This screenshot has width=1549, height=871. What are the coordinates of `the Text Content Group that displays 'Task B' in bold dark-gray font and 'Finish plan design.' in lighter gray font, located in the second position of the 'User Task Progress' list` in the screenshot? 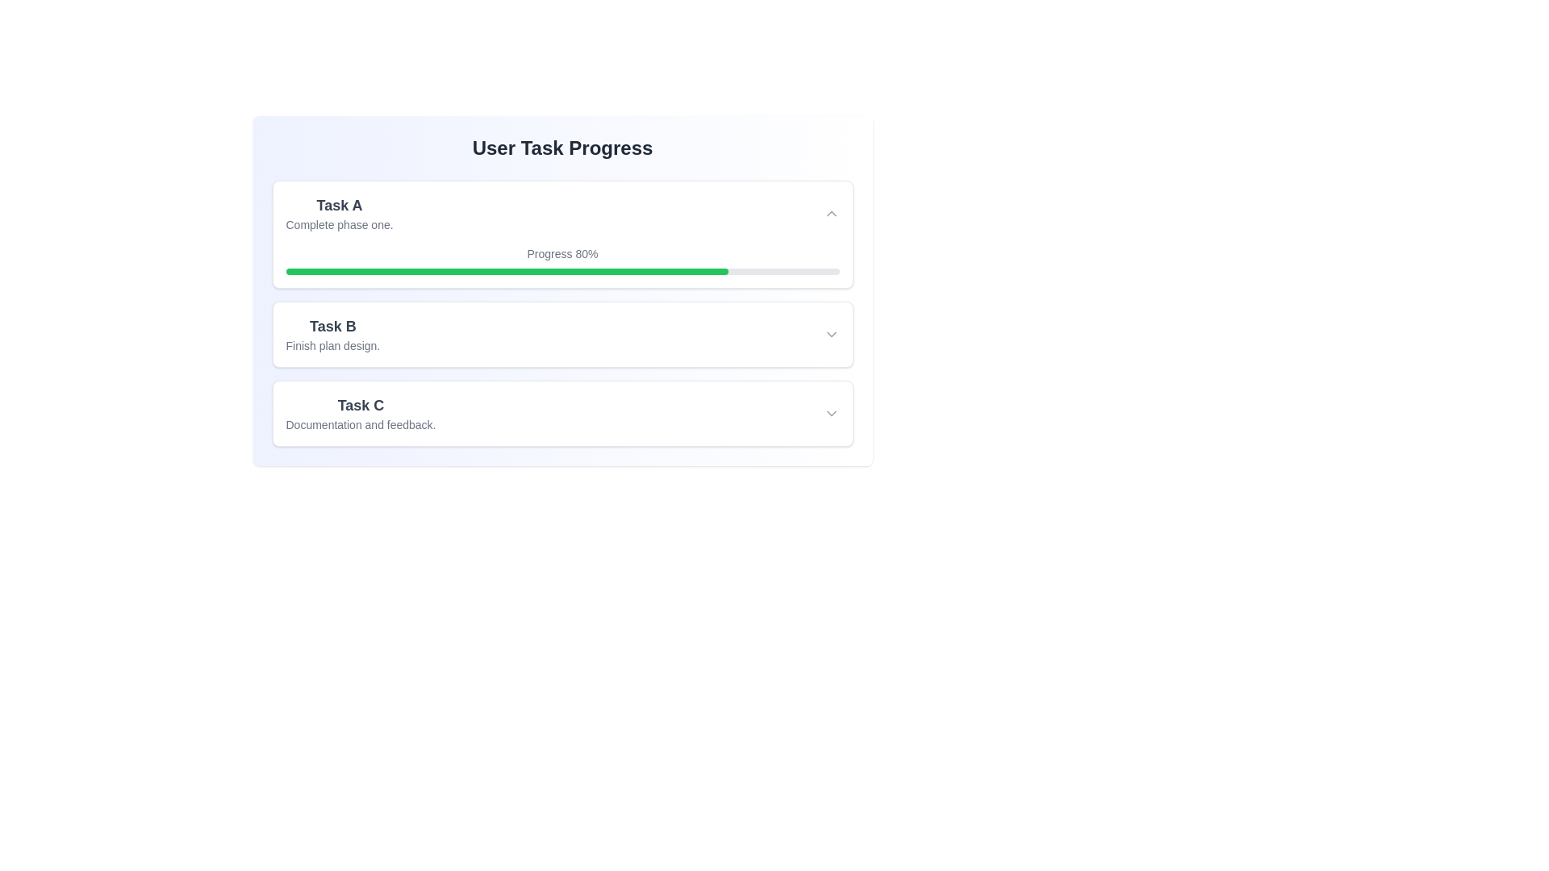 It's located at (332, 334).